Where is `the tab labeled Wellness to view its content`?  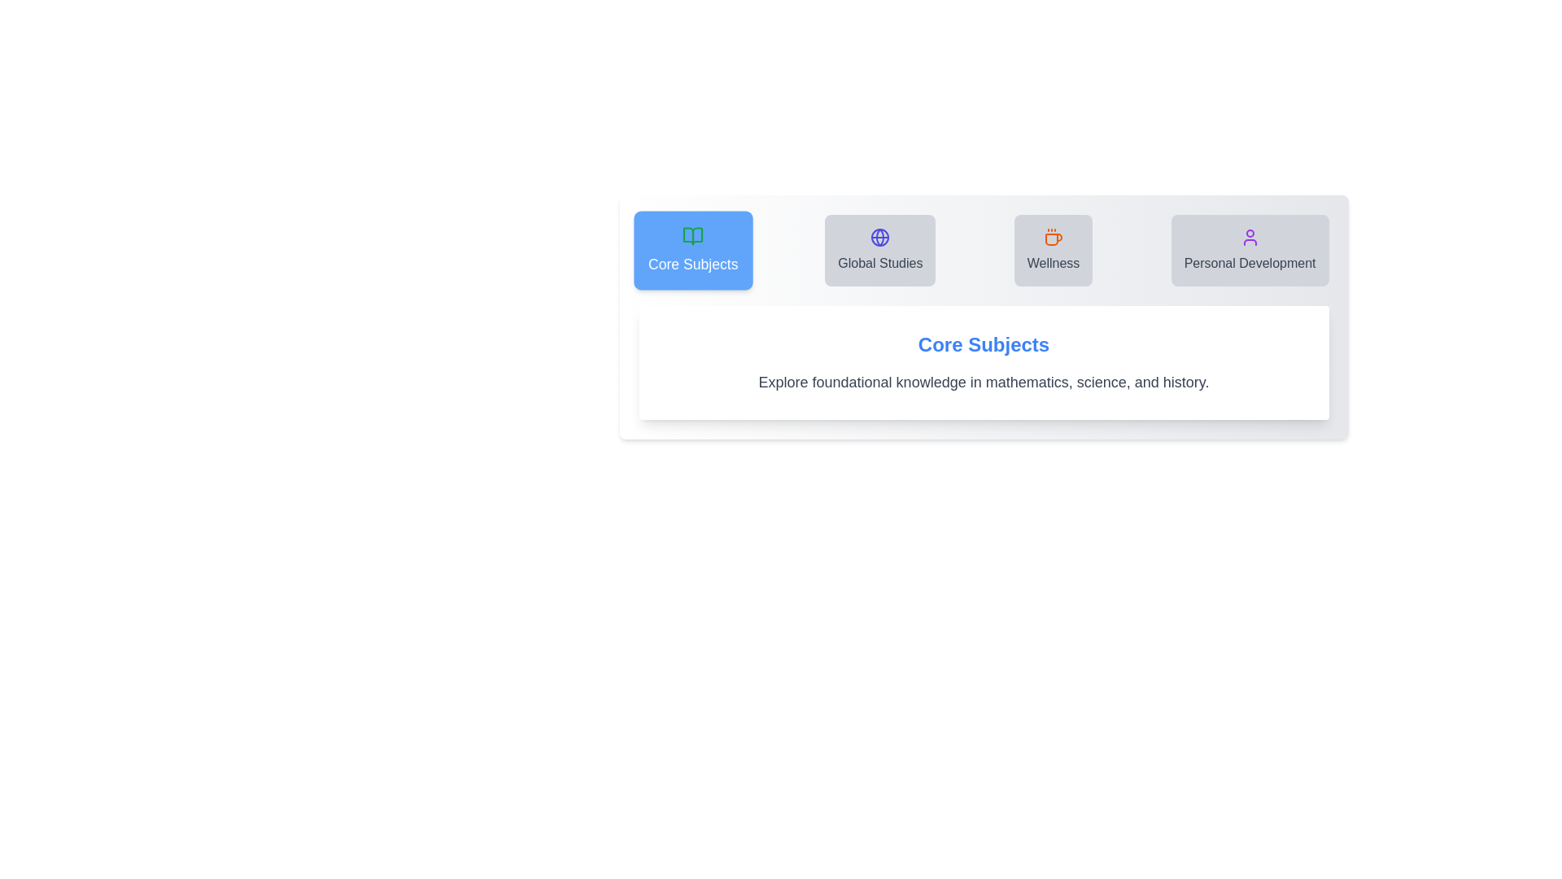
the tab labeled Wellness to view its content is located at coordinates (1054, 251).